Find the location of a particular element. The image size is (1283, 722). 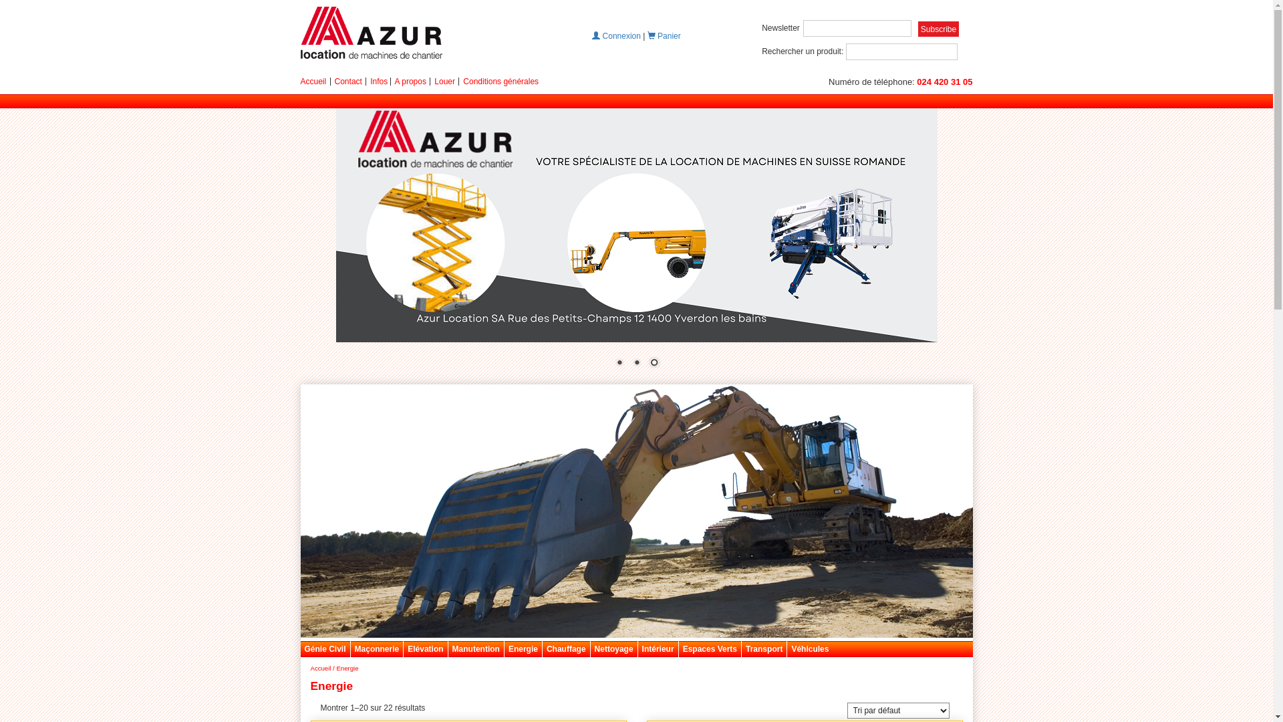

'Espaces Verts' is located at coordinates (709, 649).